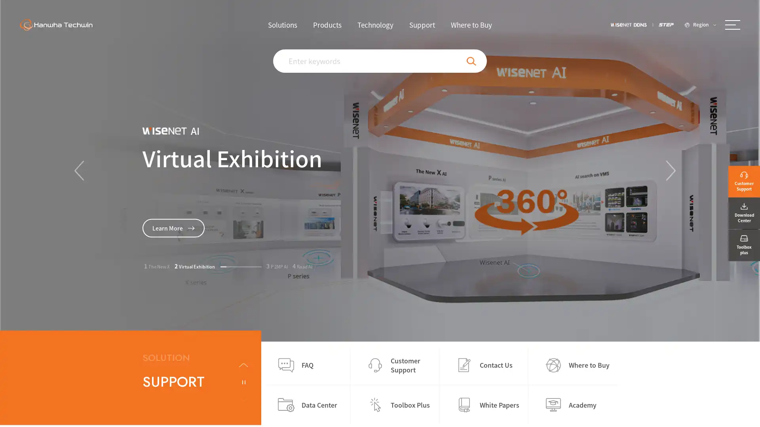 The width and height of the screenshot is (760, 427). What do you see at coordinates (79, 170) in the screenshot?
I see `Previous slide` at bounding box center [79, 170].